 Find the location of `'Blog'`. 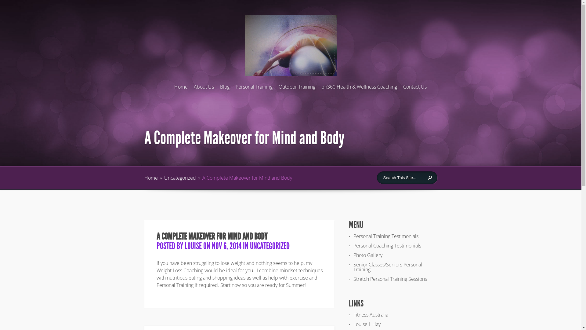

'Blog' is located at coordinates (224, 88).